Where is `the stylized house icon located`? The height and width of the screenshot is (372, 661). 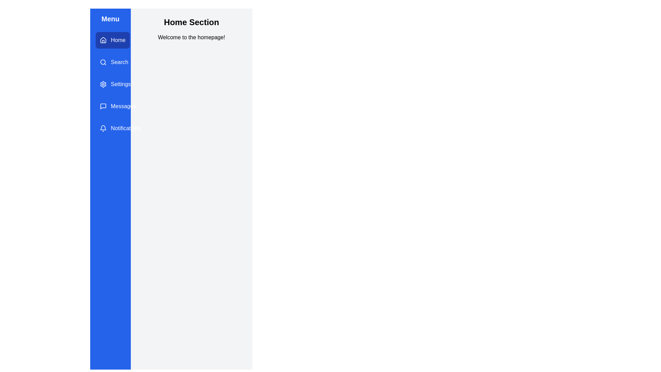 the stylized house icon located is located at coordinates (103, 40).